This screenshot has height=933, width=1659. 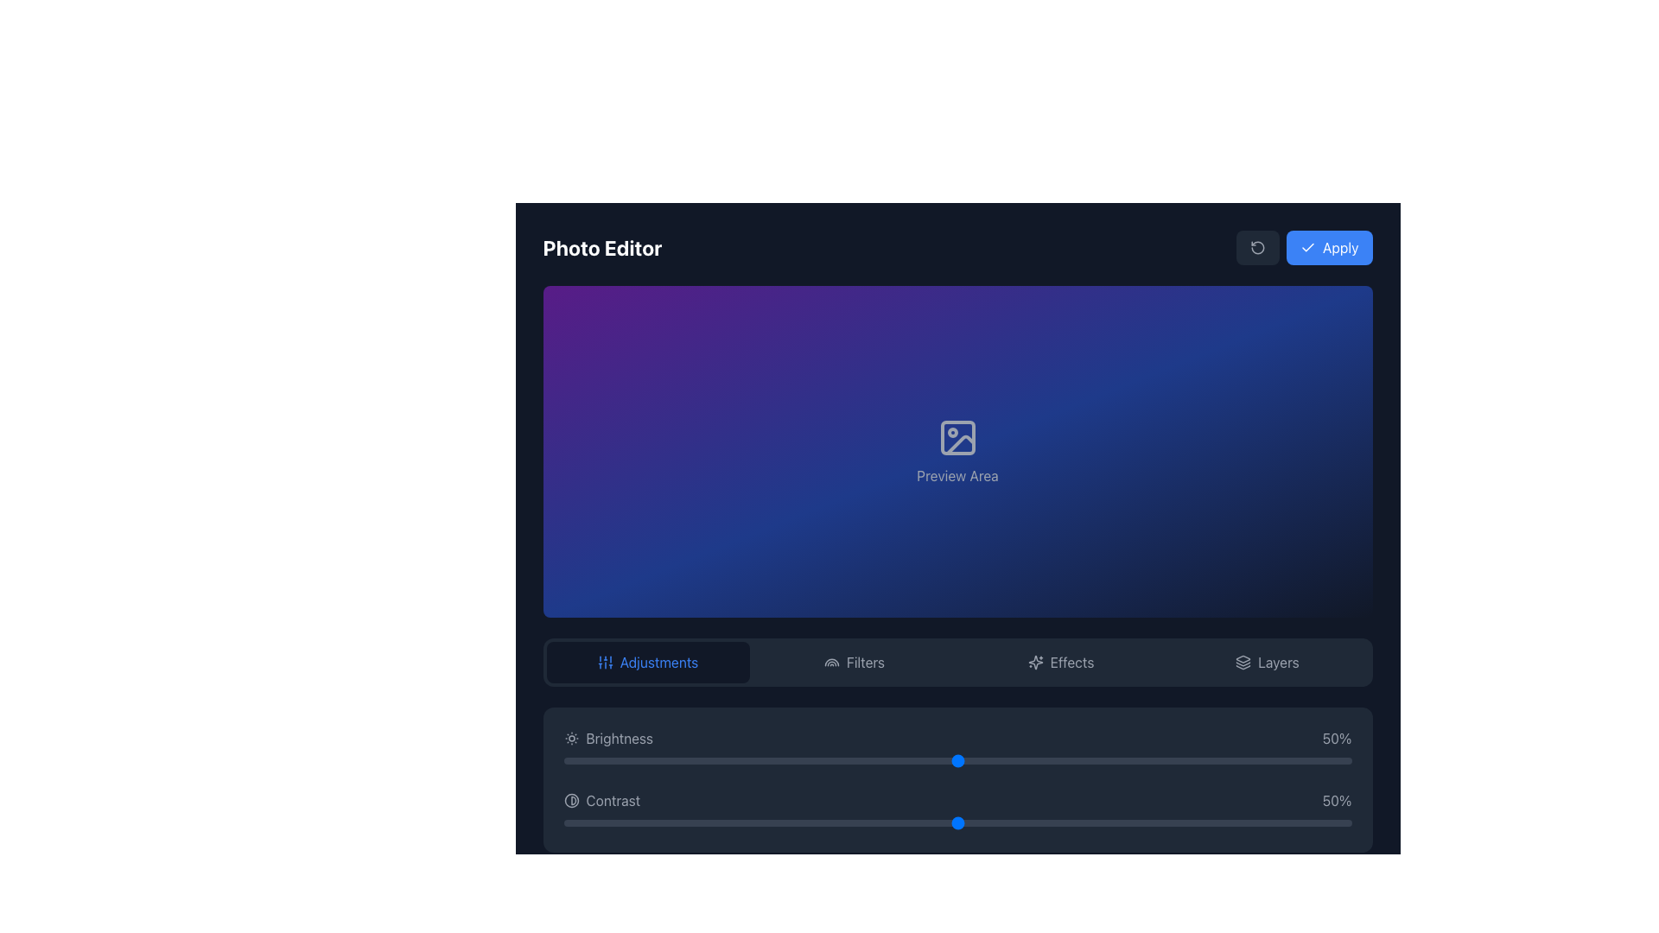 What do you see at coordinates (1051, 759) in the screenshot?
I see `the slider value` at bounding box center [1051, 759].